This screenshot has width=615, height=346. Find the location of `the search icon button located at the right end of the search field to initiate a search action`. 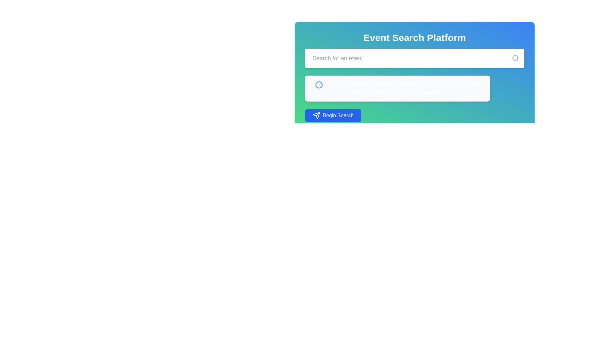

the search icon button located at the right end of the search field to initiate a search action is located at coordinates (515, 58).